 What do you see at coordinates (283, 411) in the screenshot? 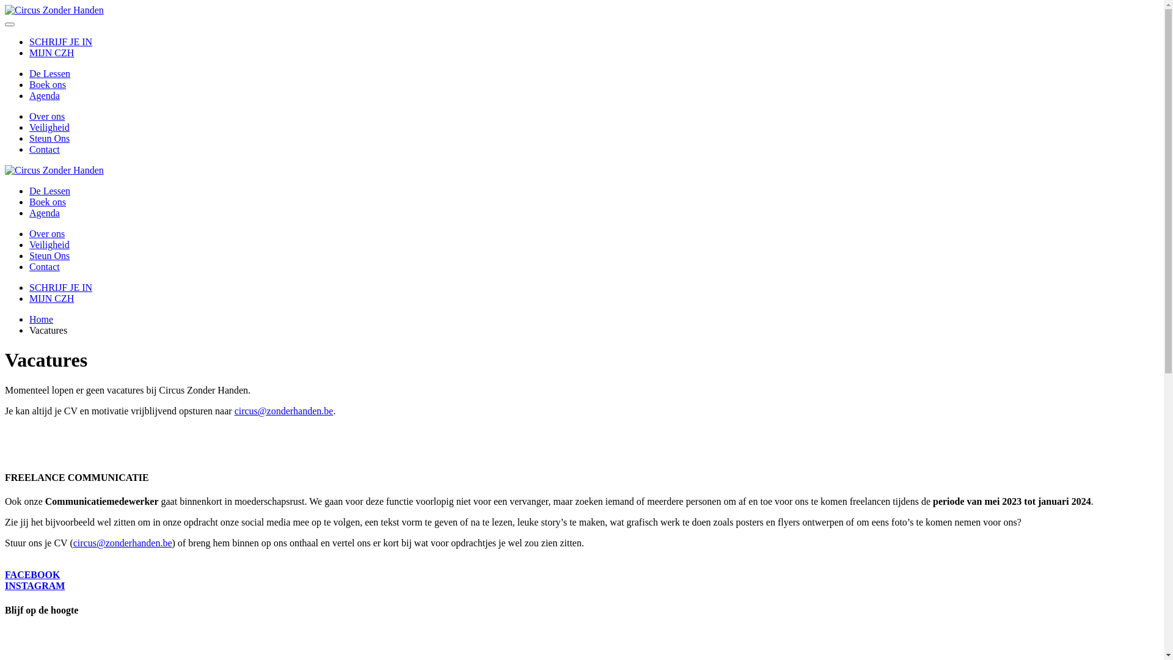
I see `'circus@zonderhanden.be'` at bounding box center [283, 411].